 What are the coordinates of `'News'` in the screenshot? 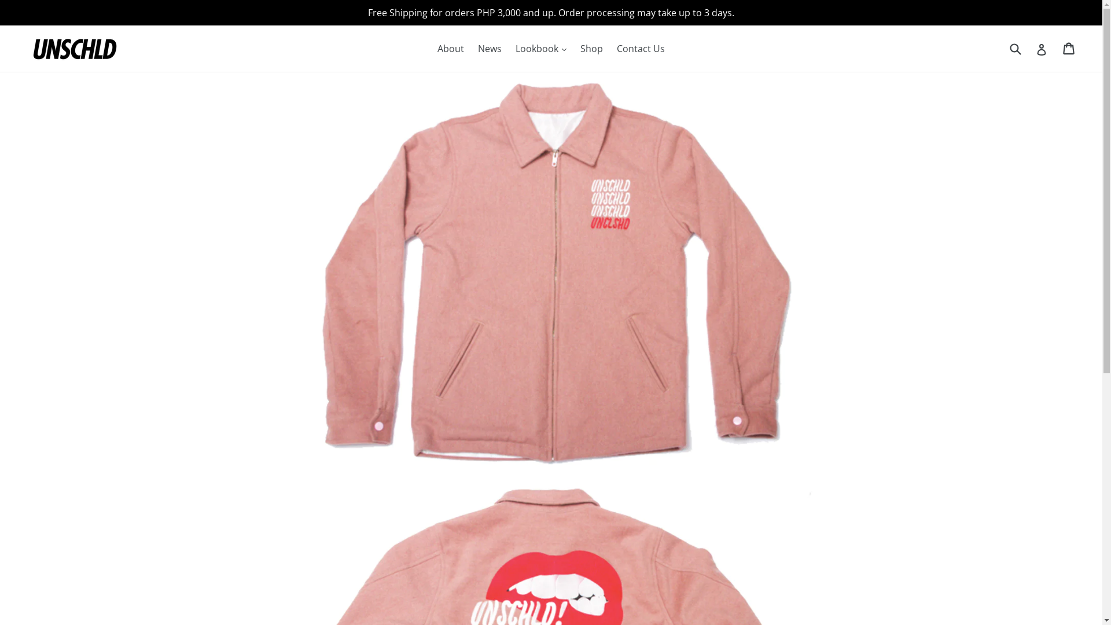 It's located at (490, 48).